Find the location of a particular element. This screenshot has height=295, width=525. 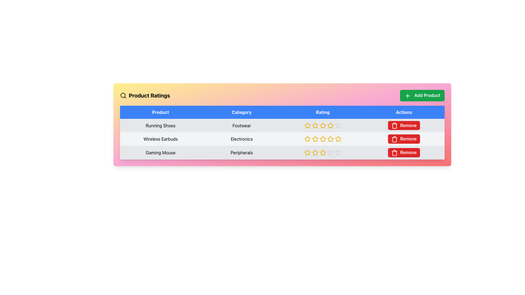

the fifth star icon in the 'Rating' column for 'Wireless Earbuds' to indicate a rating level is located at coordinates (330, 139).